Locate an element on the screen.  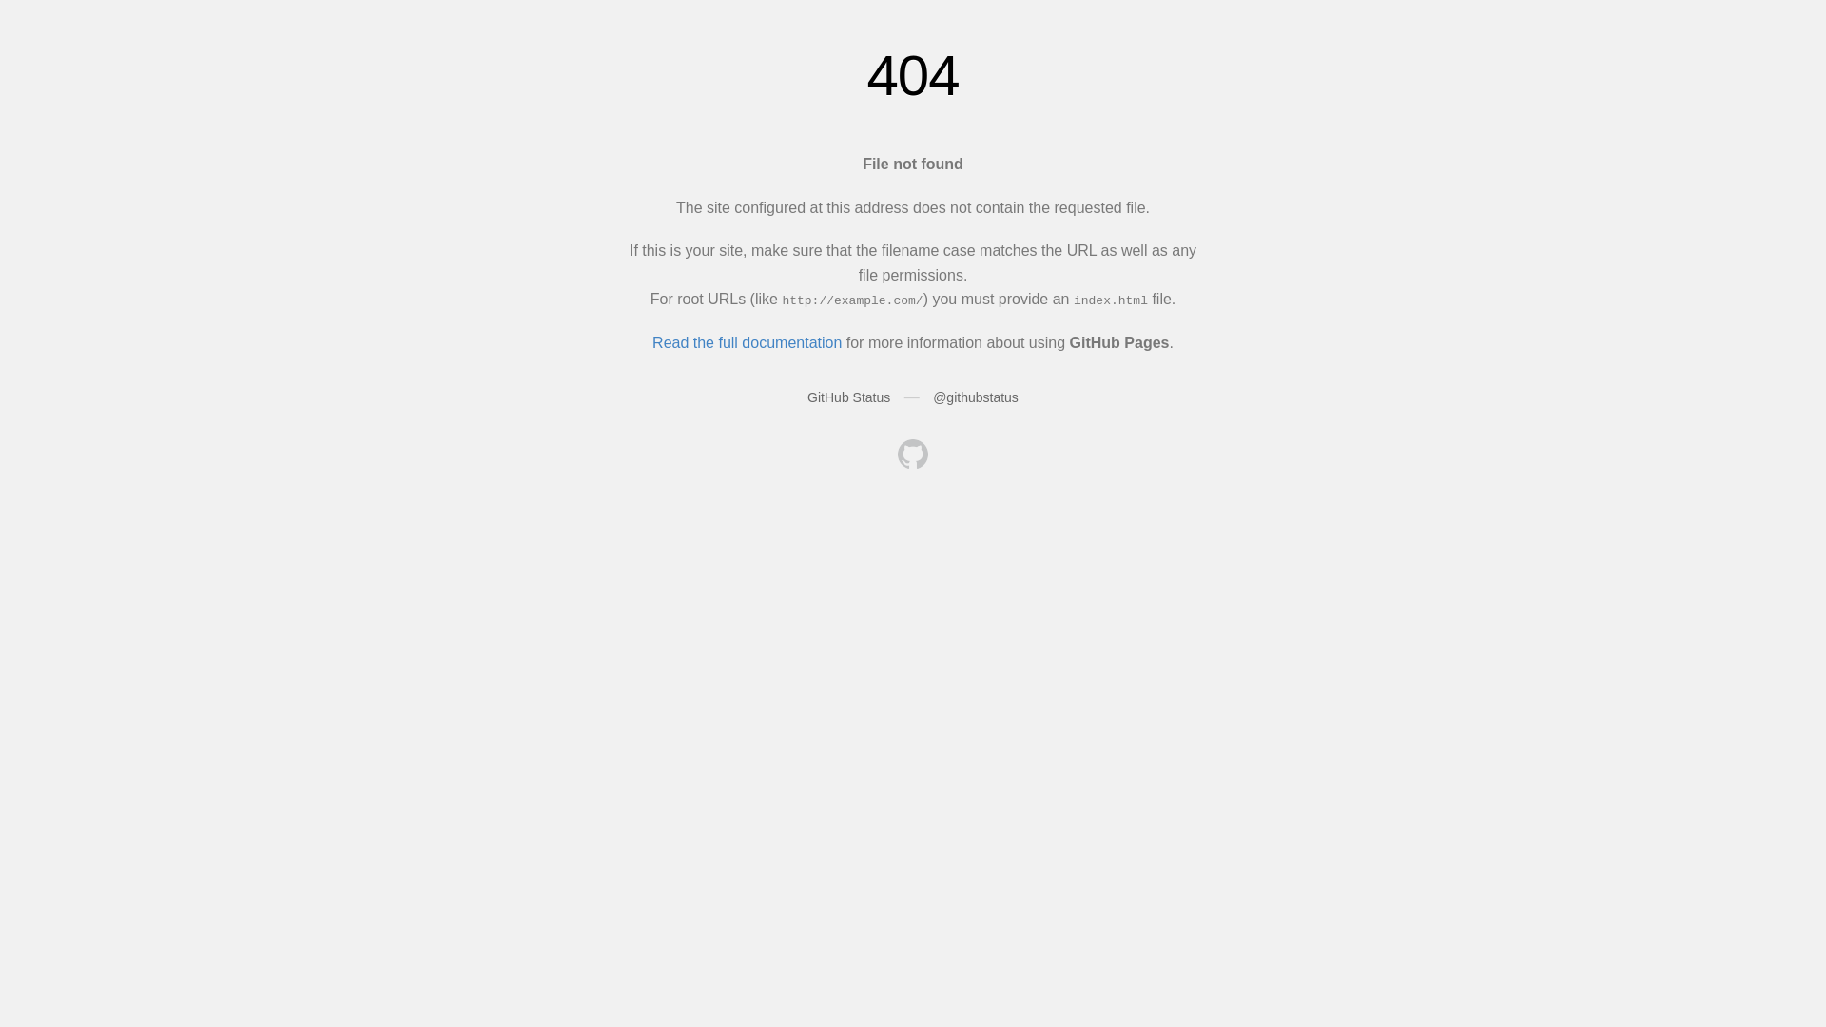
'@githubstatus' is located at coordinates (976, 396).